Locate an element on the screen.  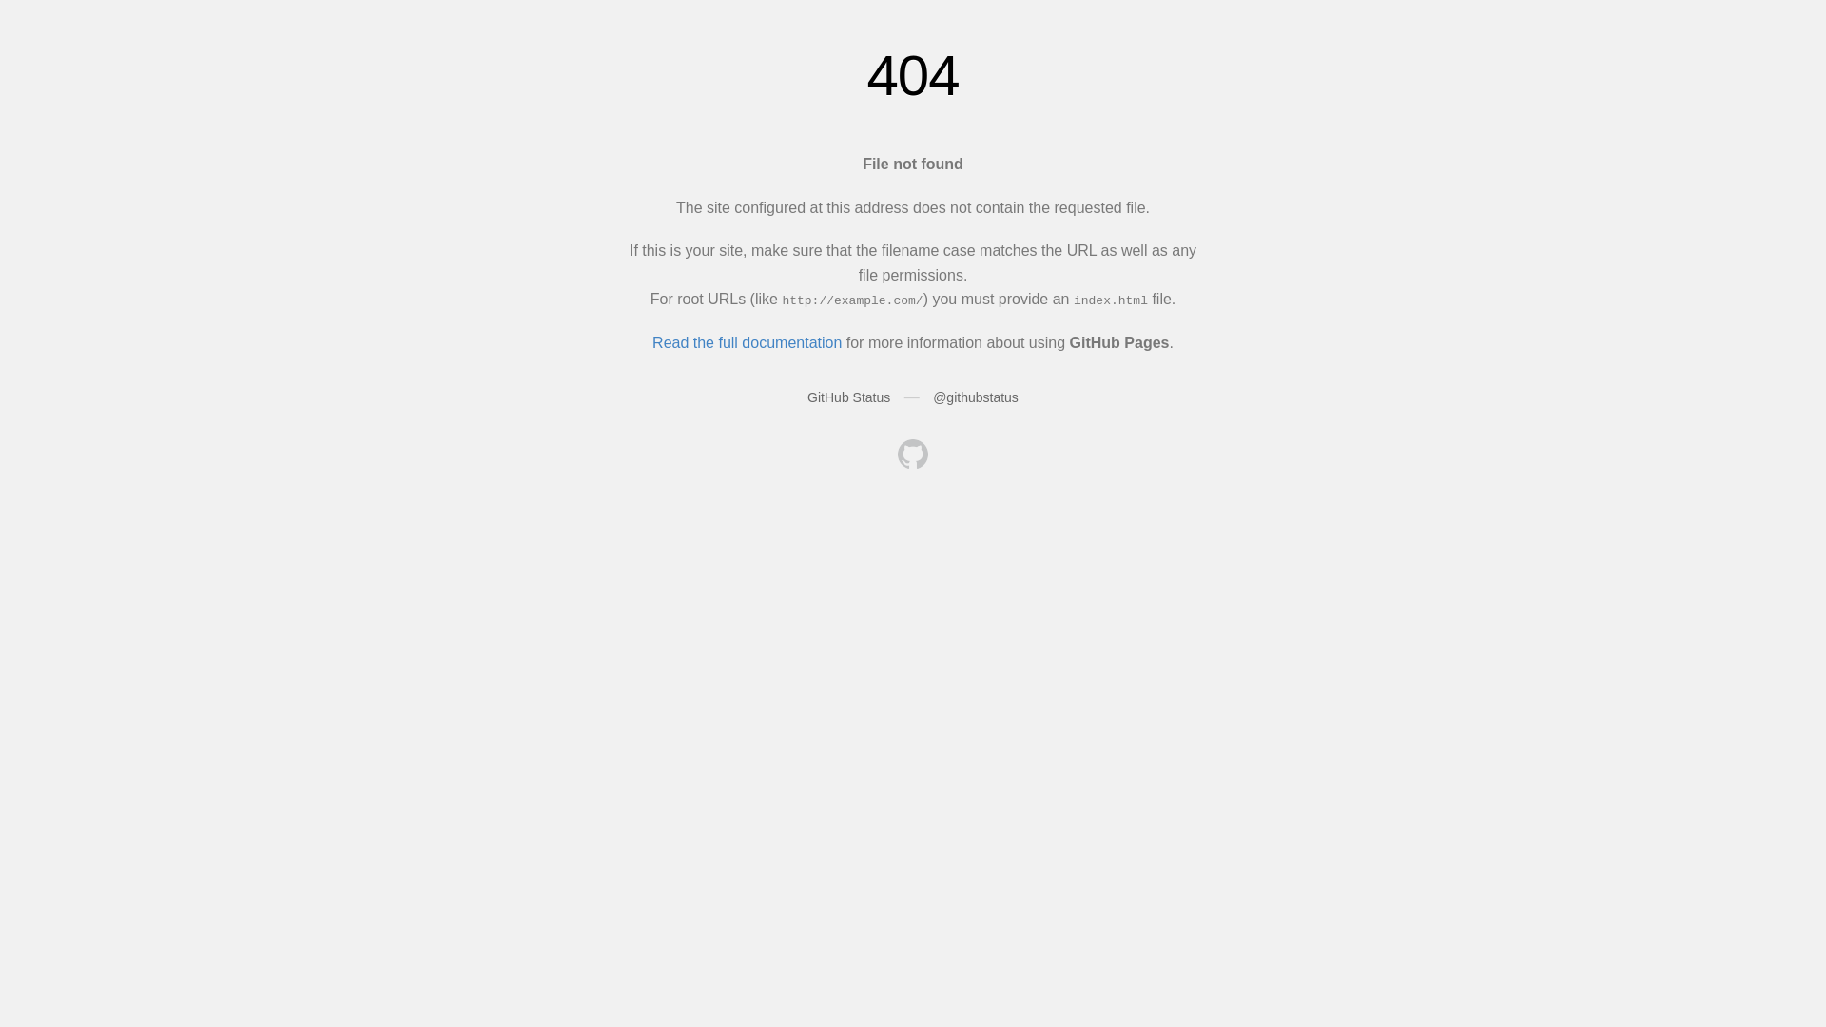
'@githubstatus' is located at coordinates (976, 396).